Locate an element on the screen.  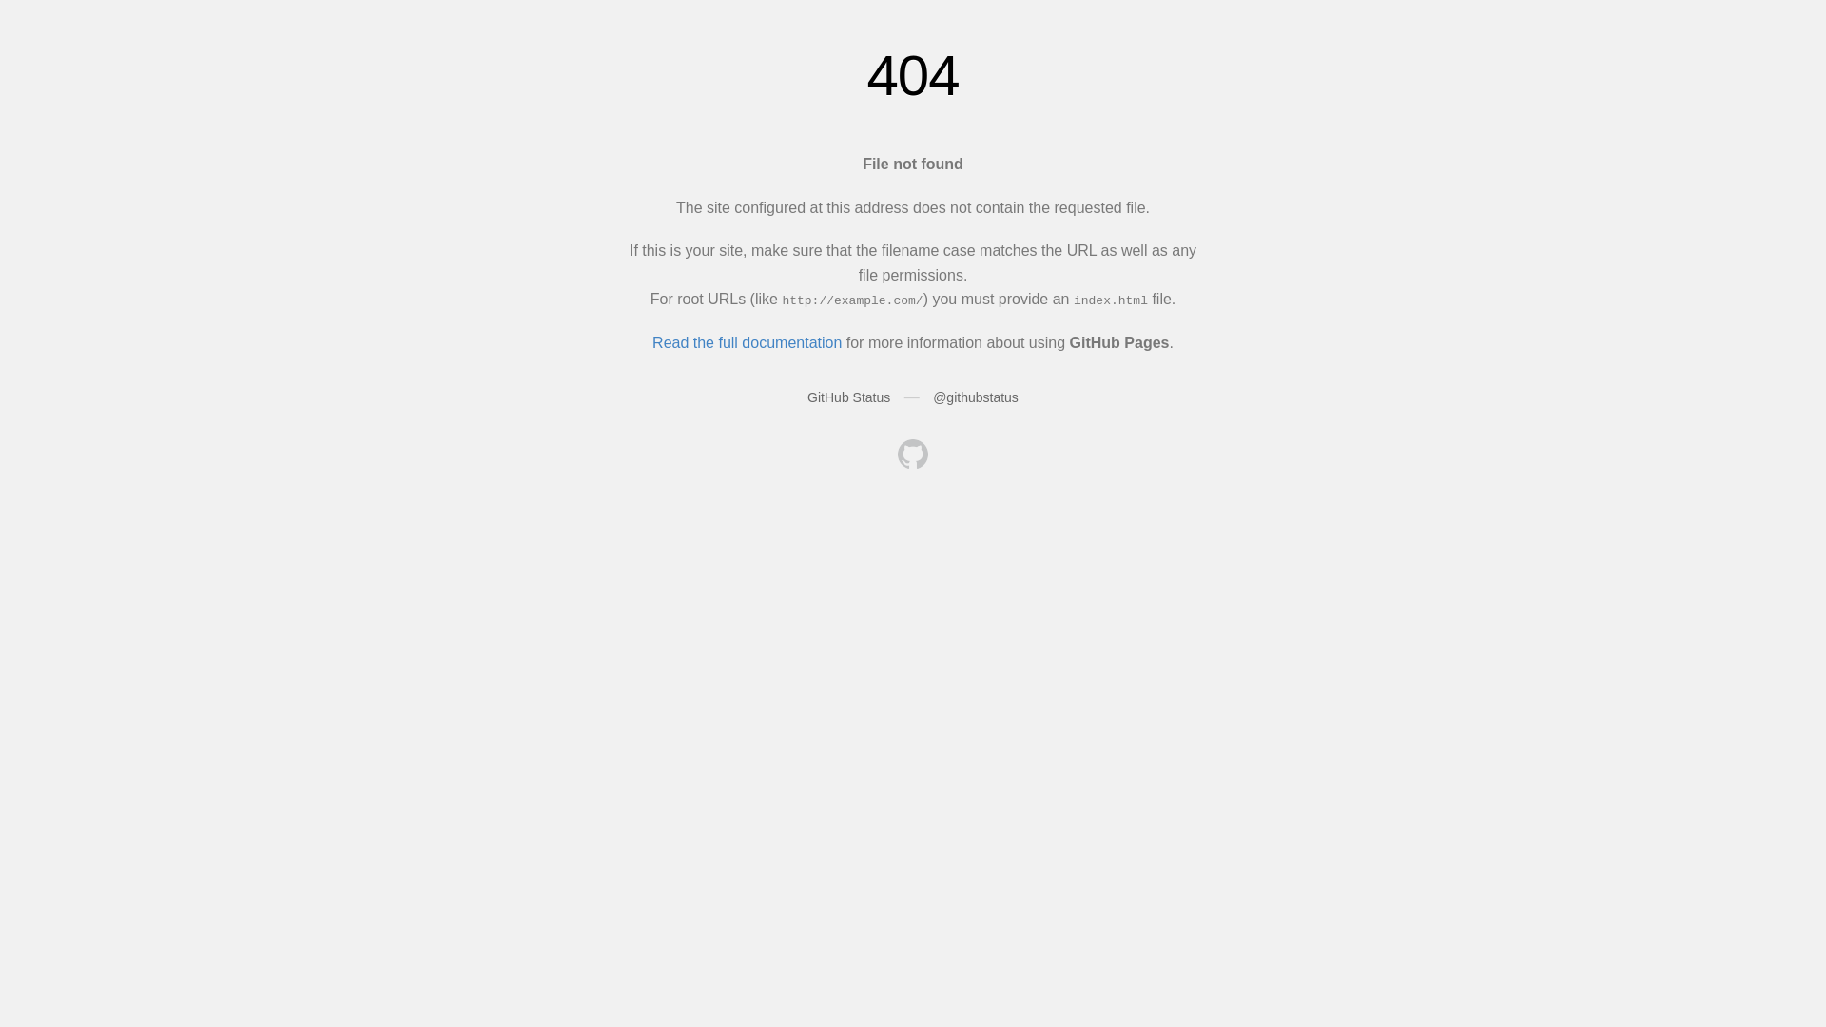
'@githubstatus' is located at coordinates (976, 396).